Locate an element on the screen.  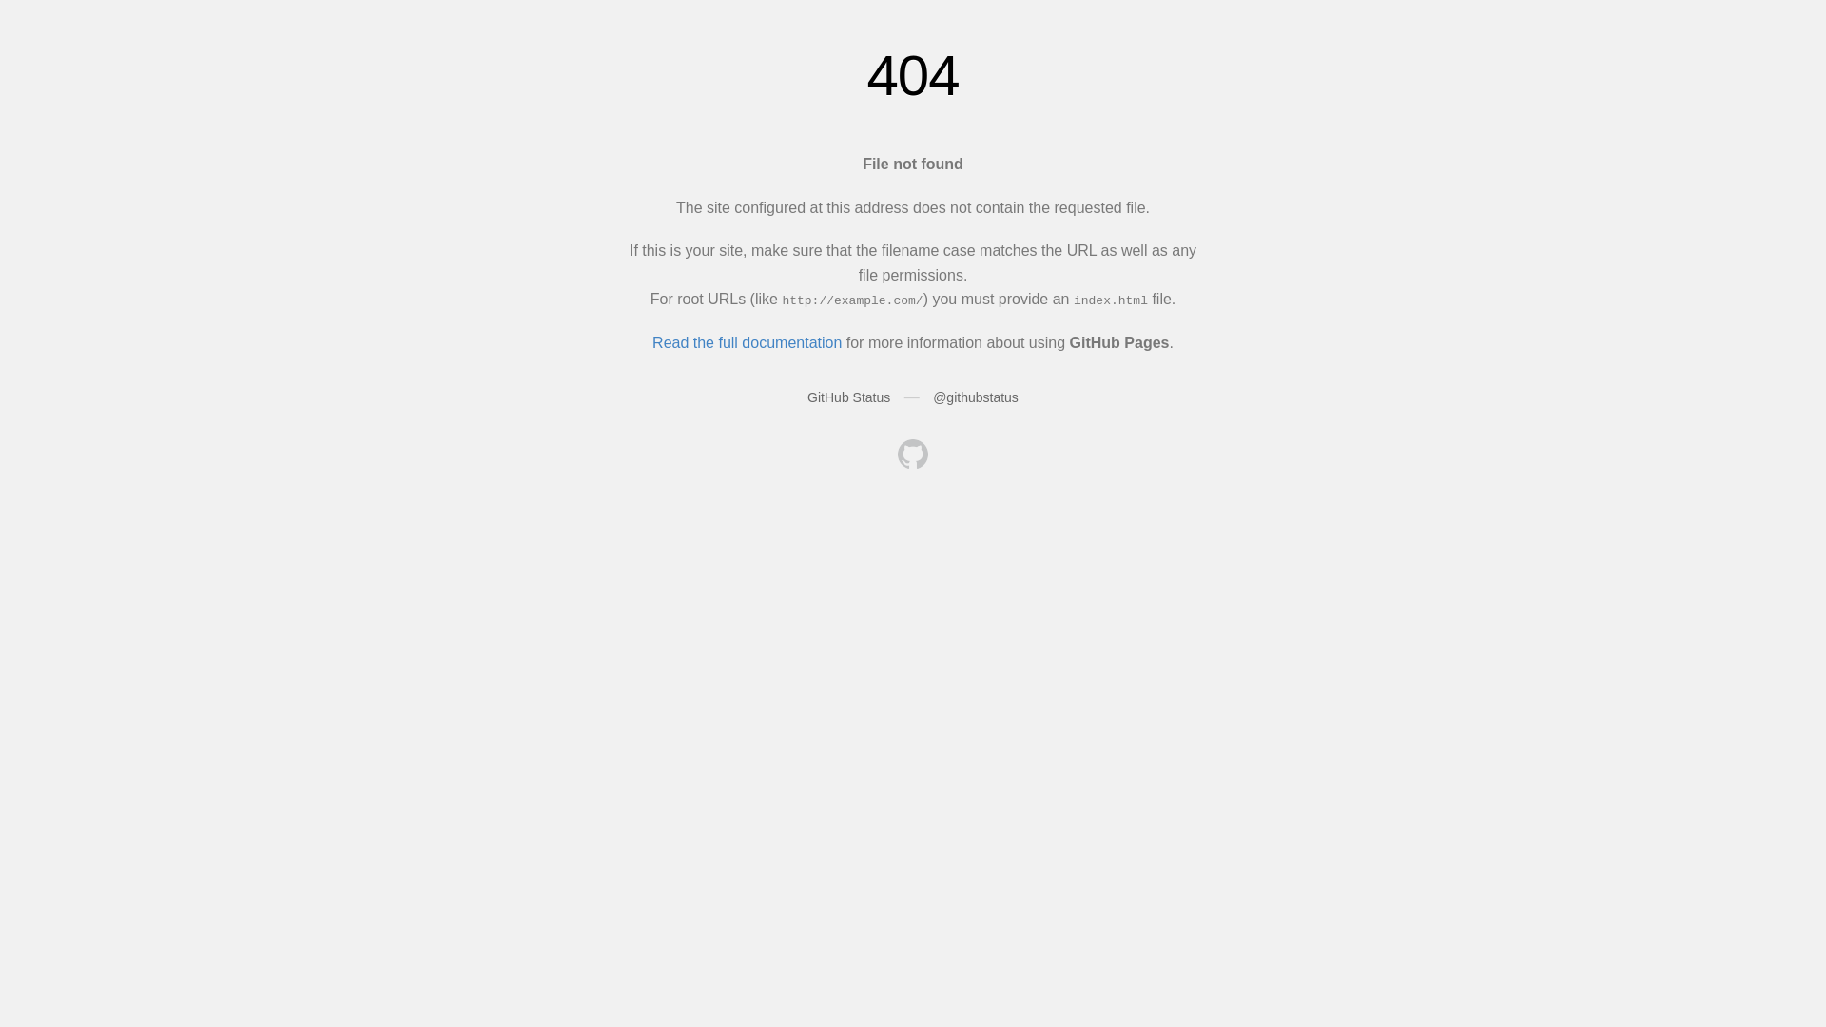
'@githubstatus' is located at coordinates (976, 396).